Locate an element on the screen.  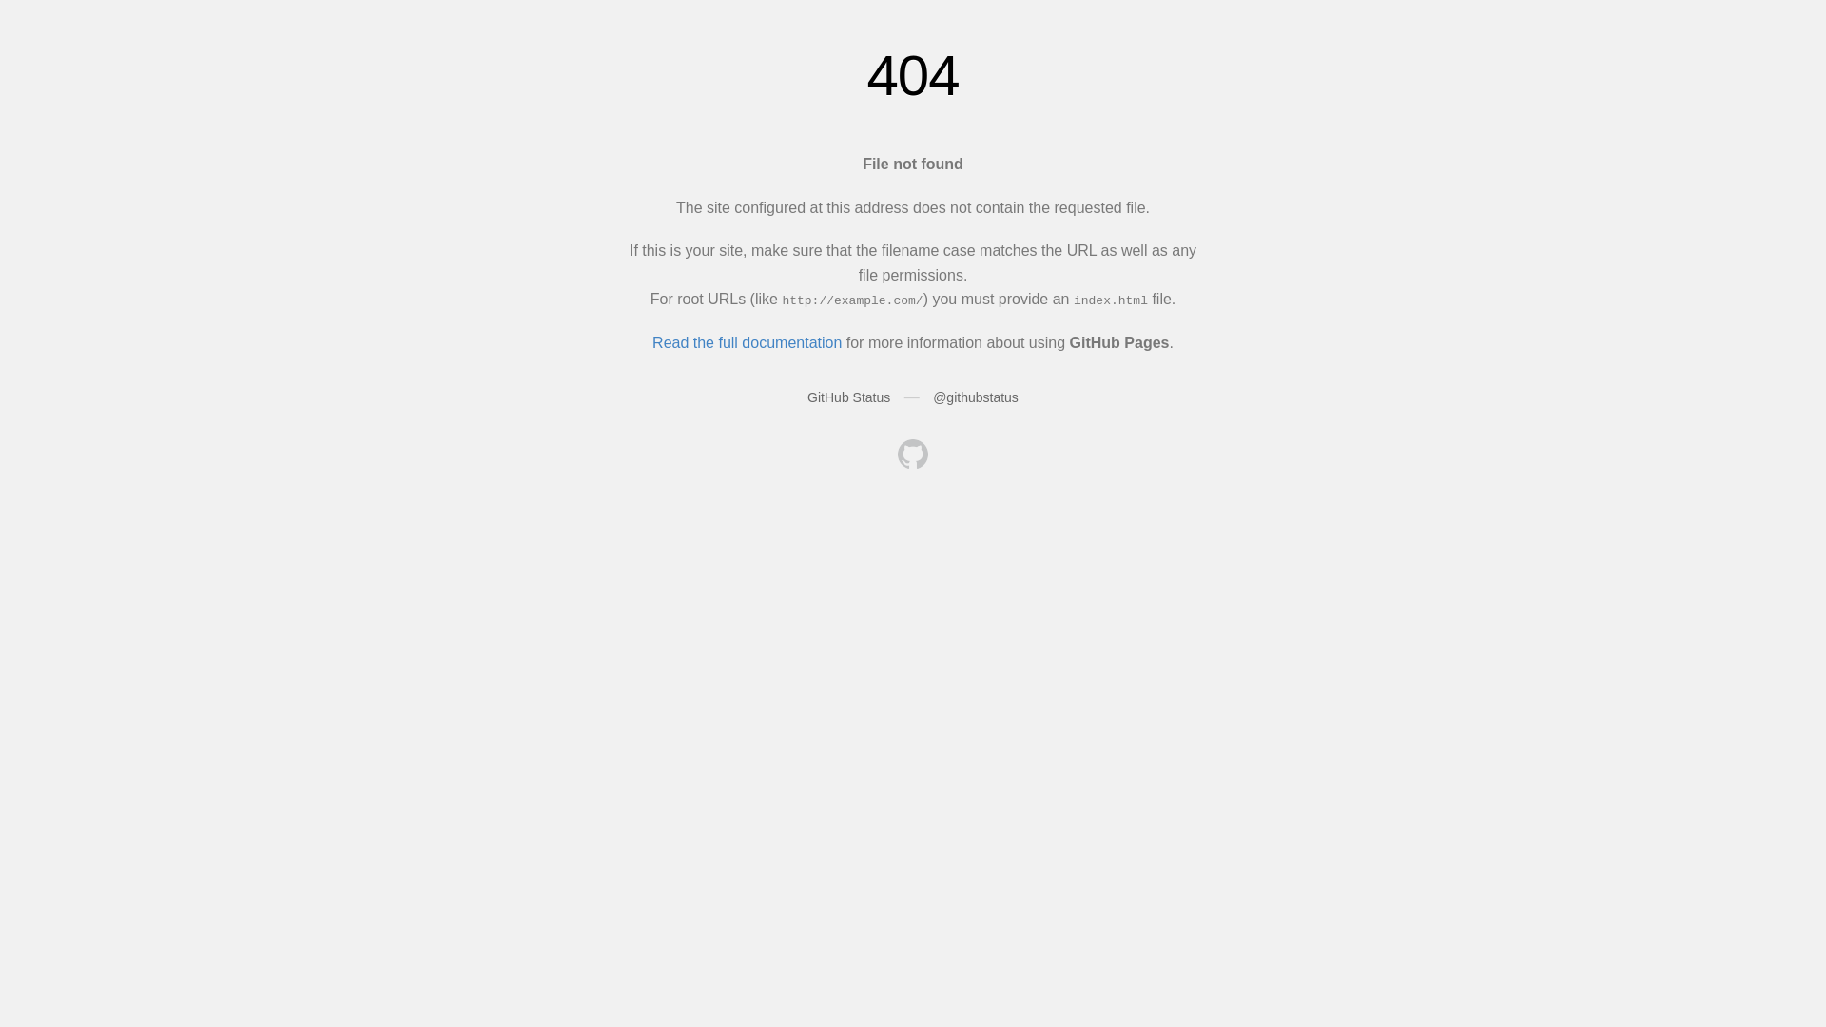
'@githubstatus' is located at coordinates (976, 396).